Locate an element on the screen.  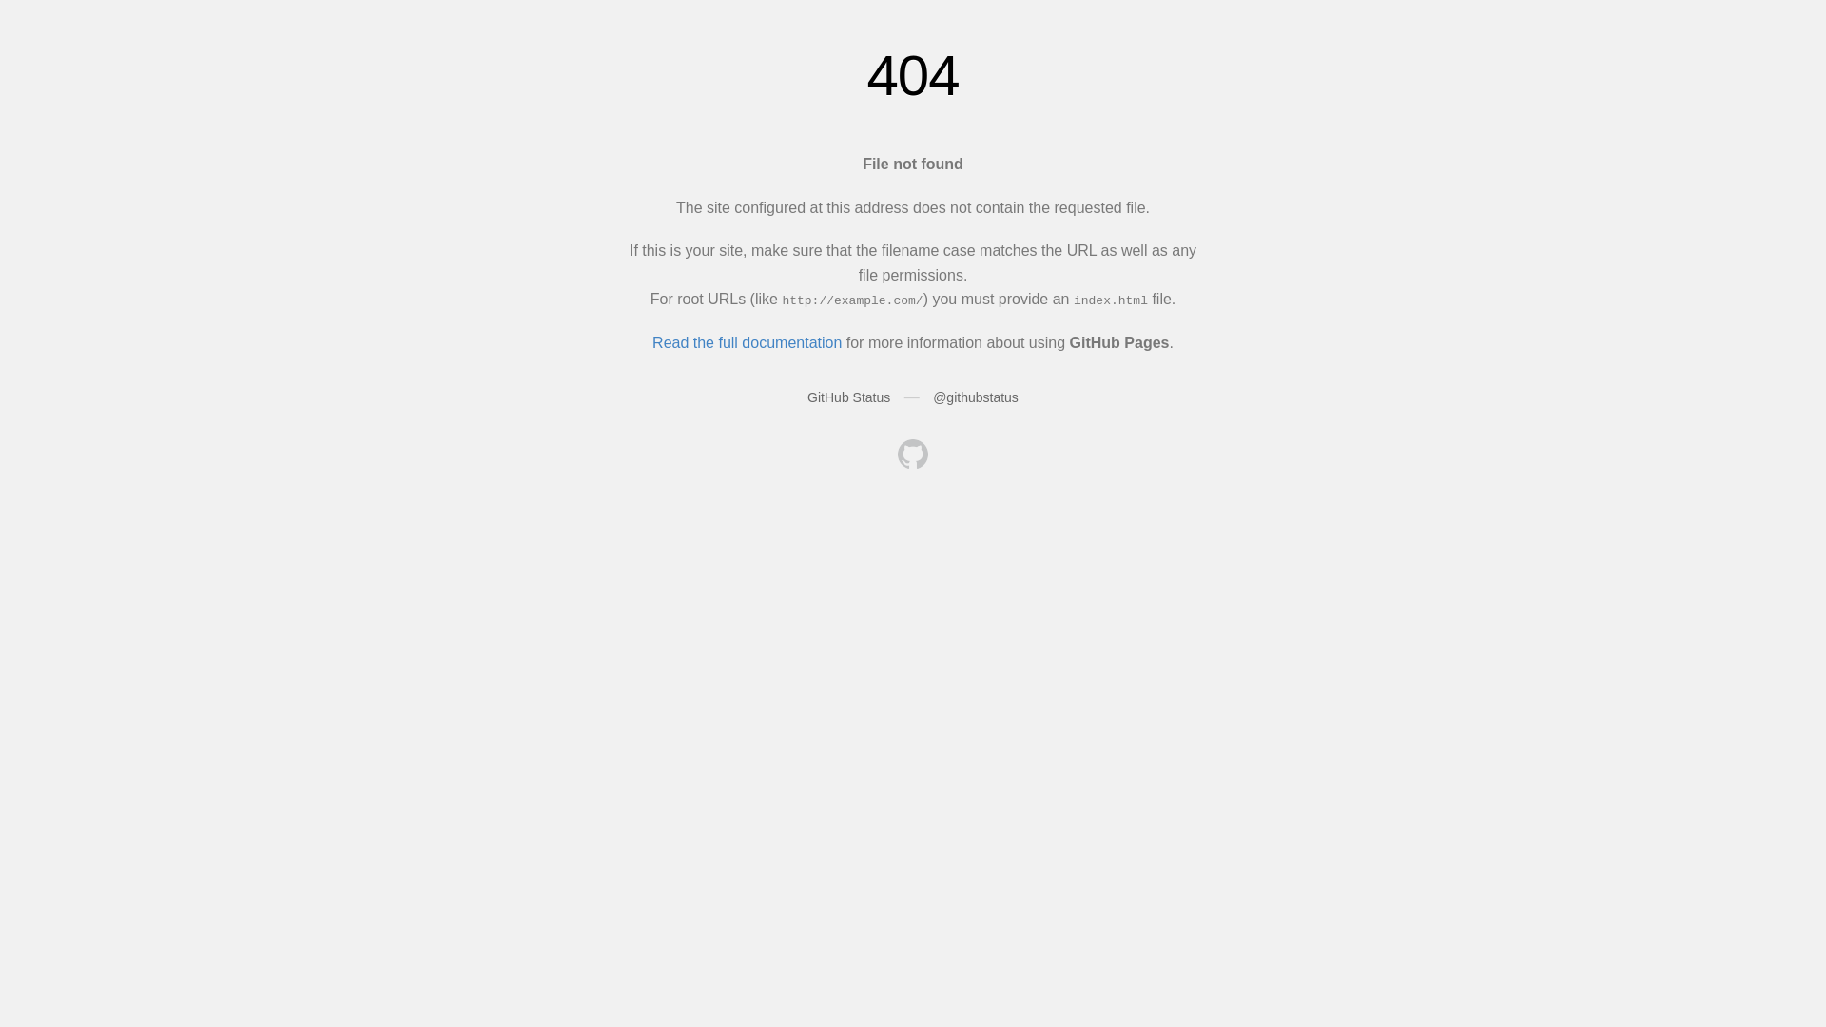
'@githubstatus' is located at coordinates (976, 396).